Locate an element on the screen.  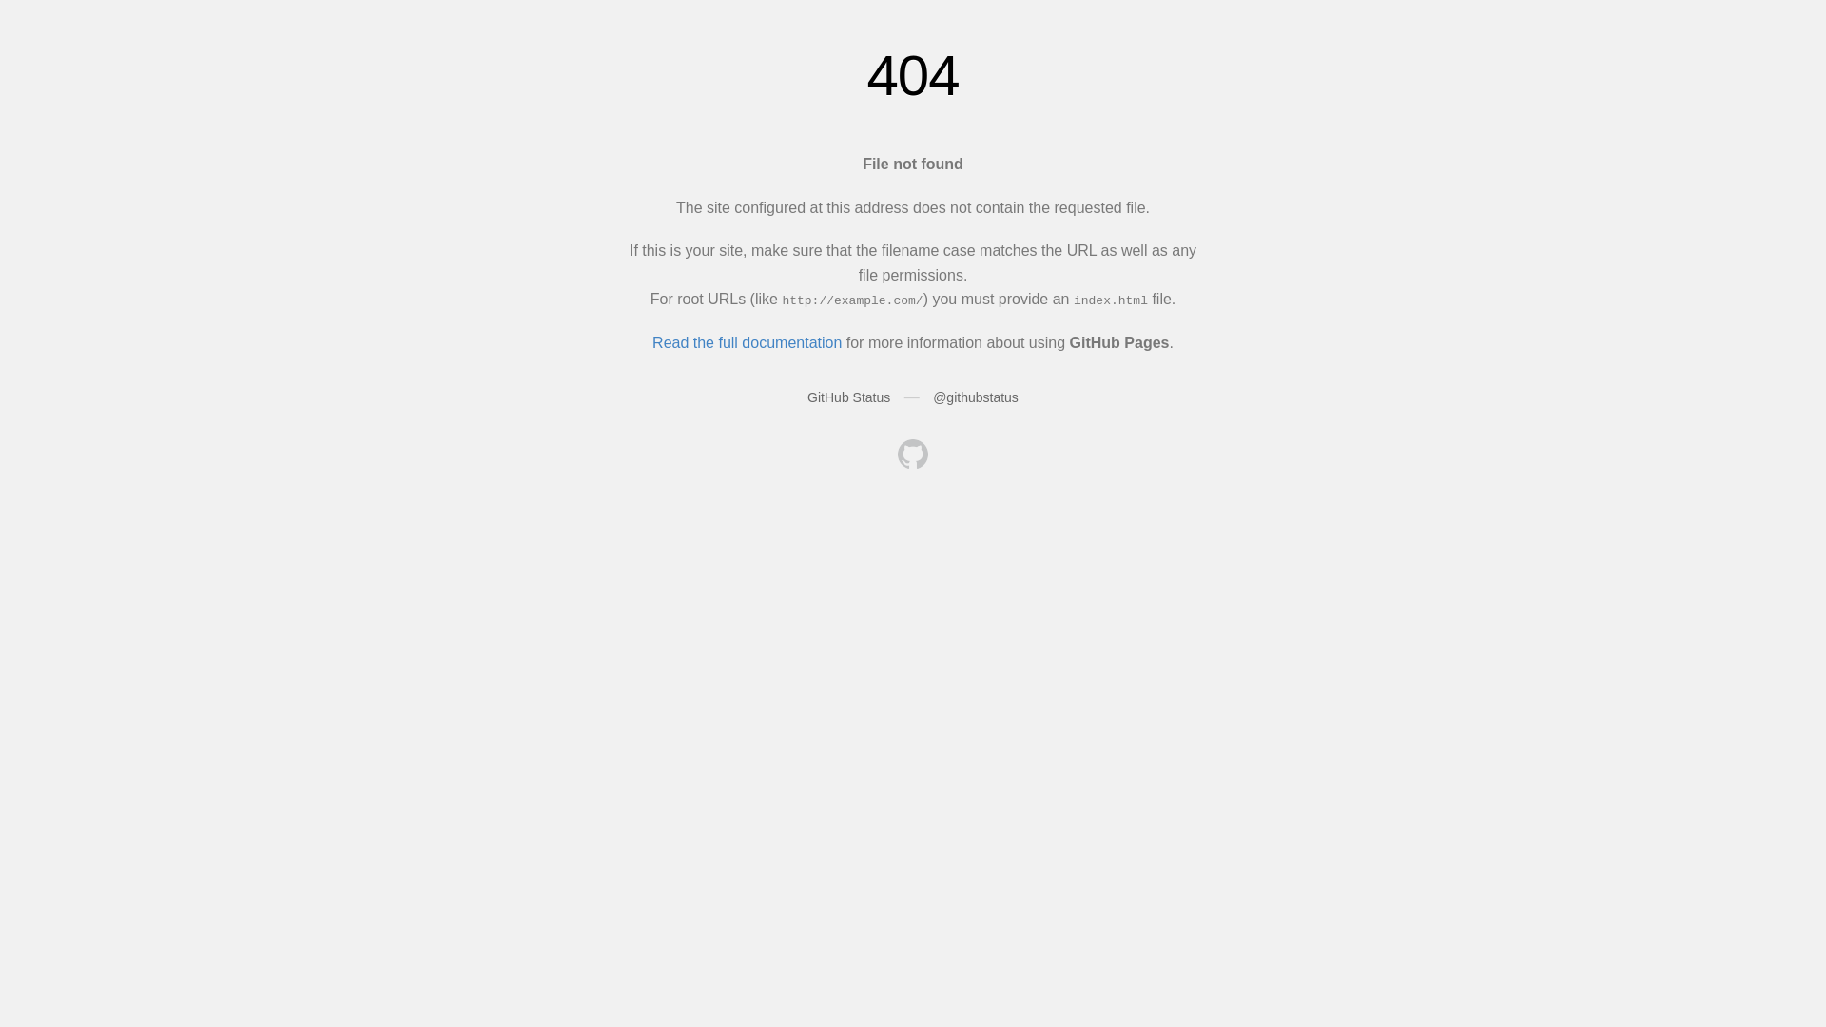
'@githubstatus' is located at coordinates (976, 396).